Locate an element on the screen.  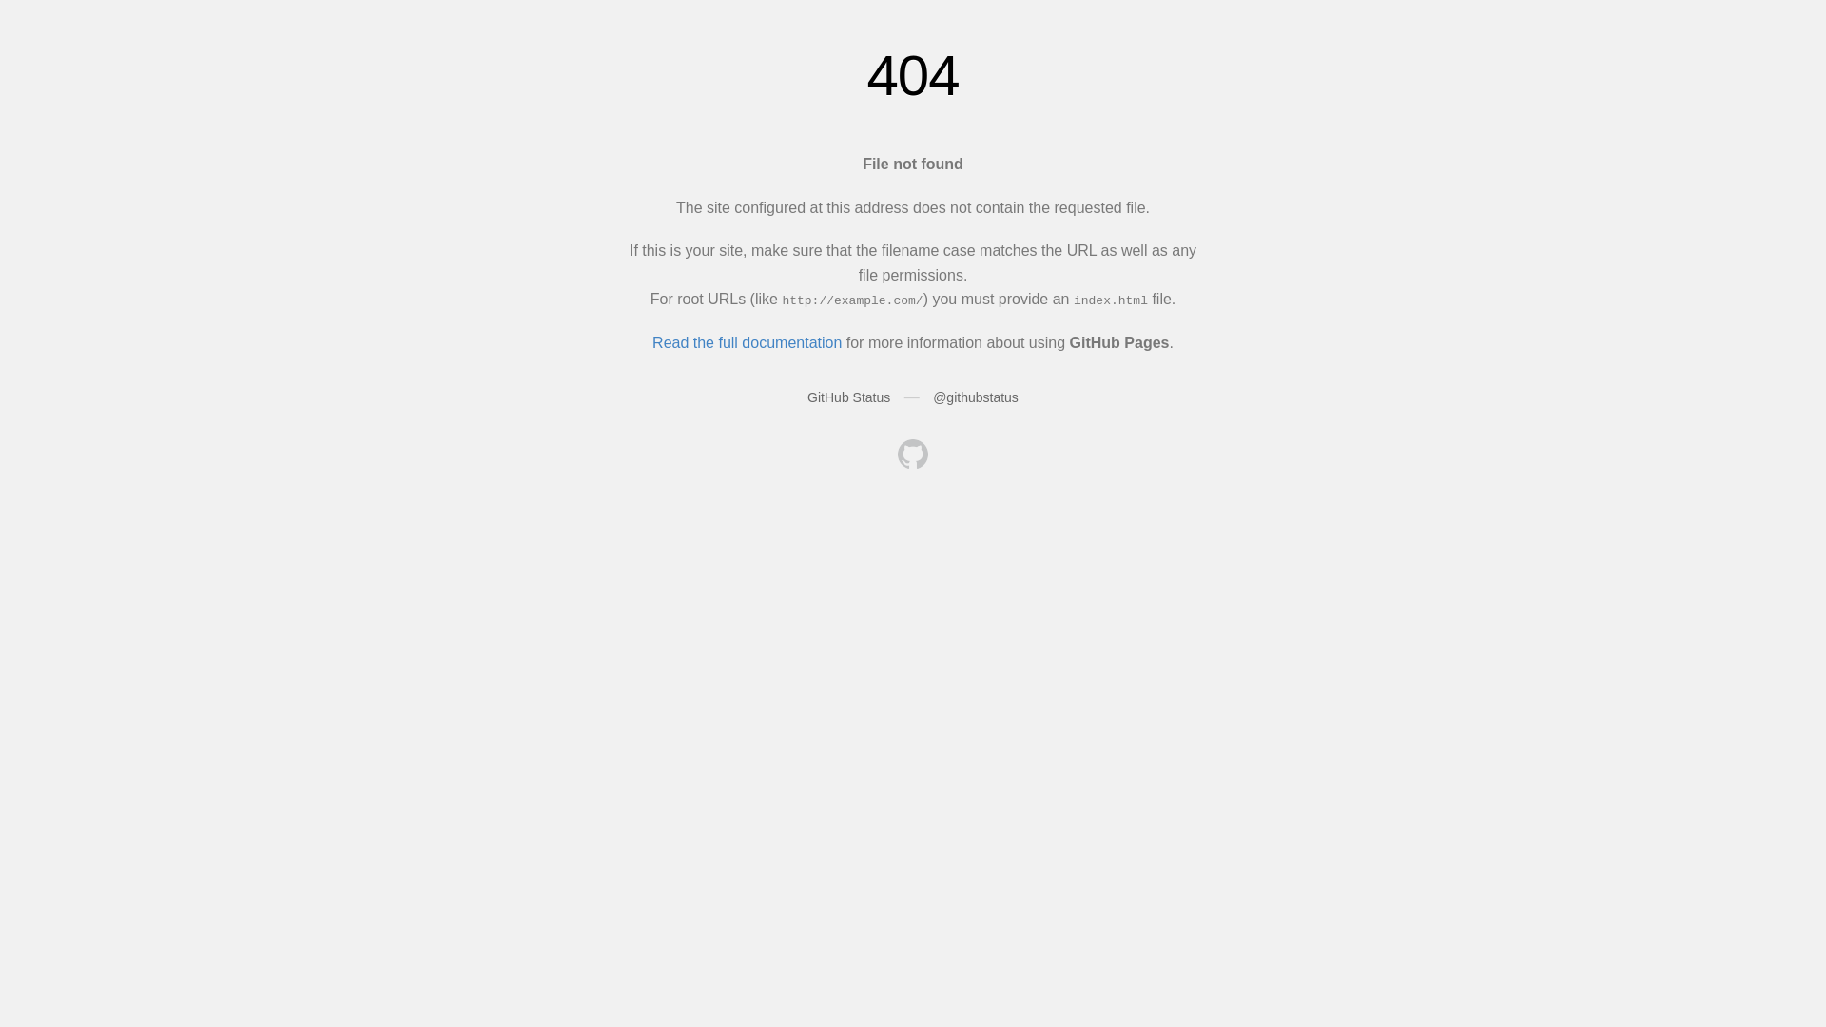
'@githubstatus' is located at coordinates (976, 396).